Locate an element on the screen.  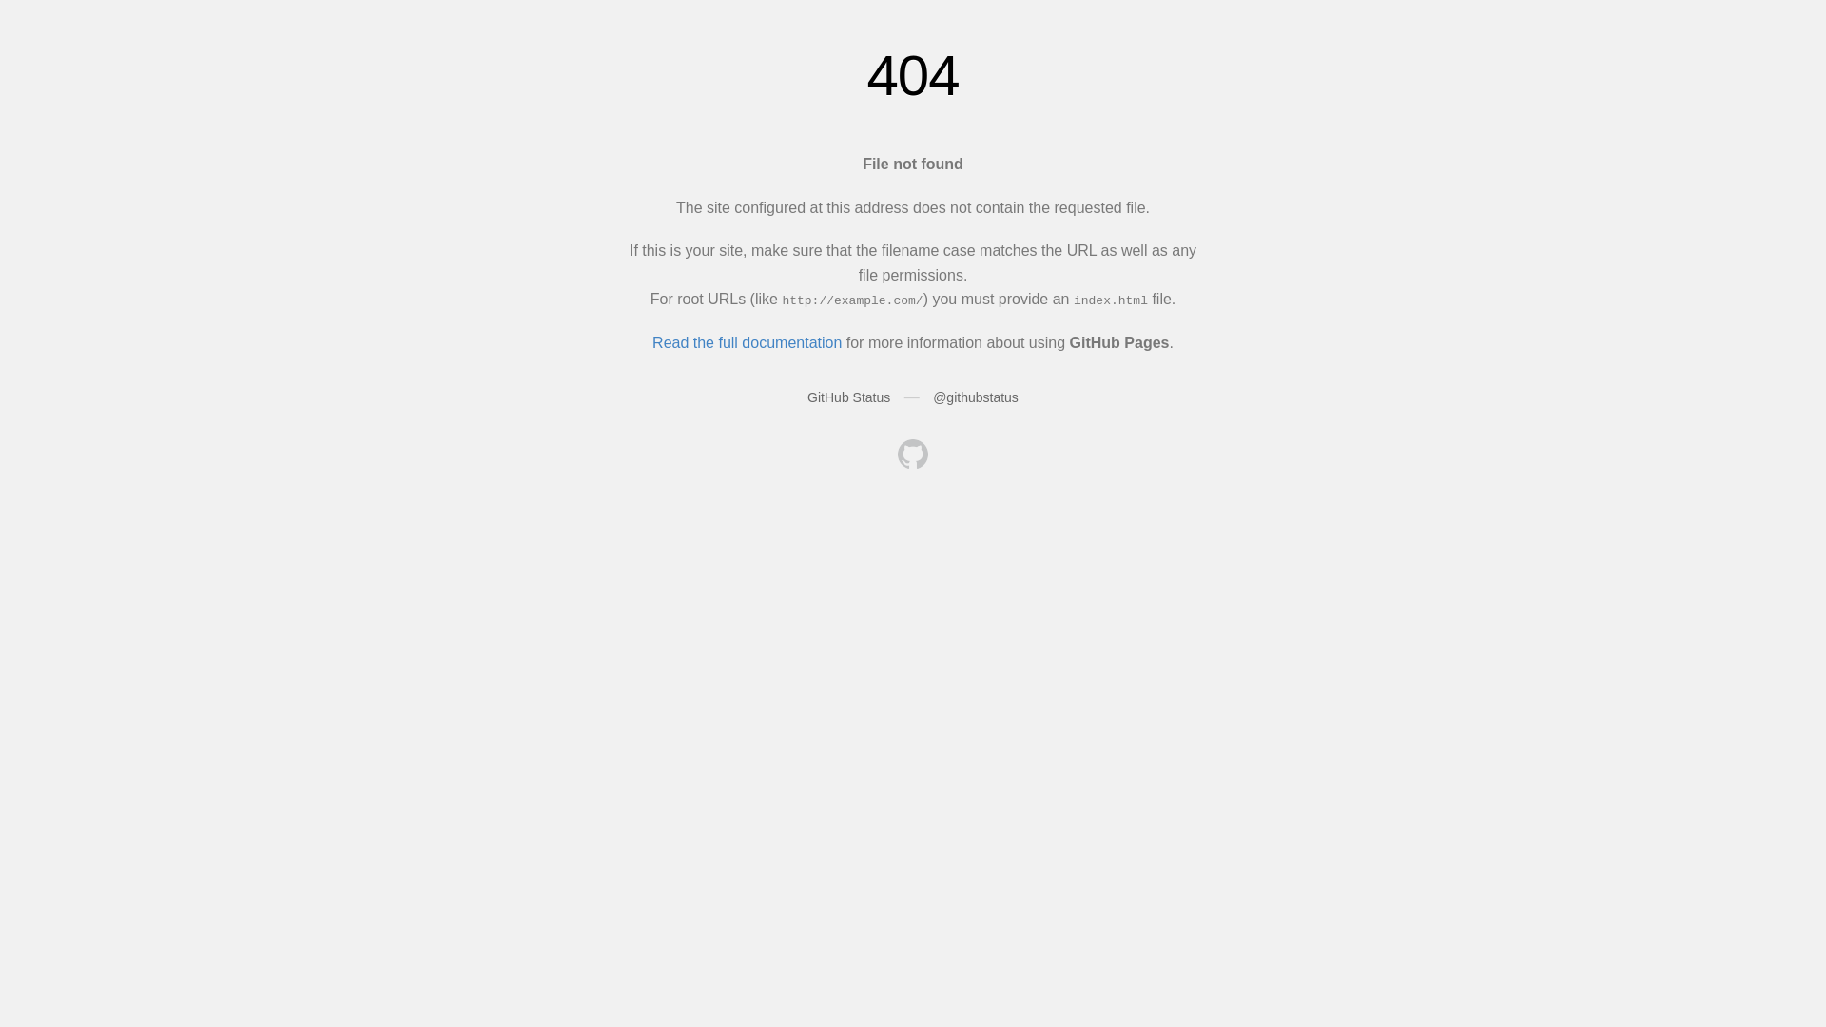
'@githubstatus' is located at coordinates (976, 396).